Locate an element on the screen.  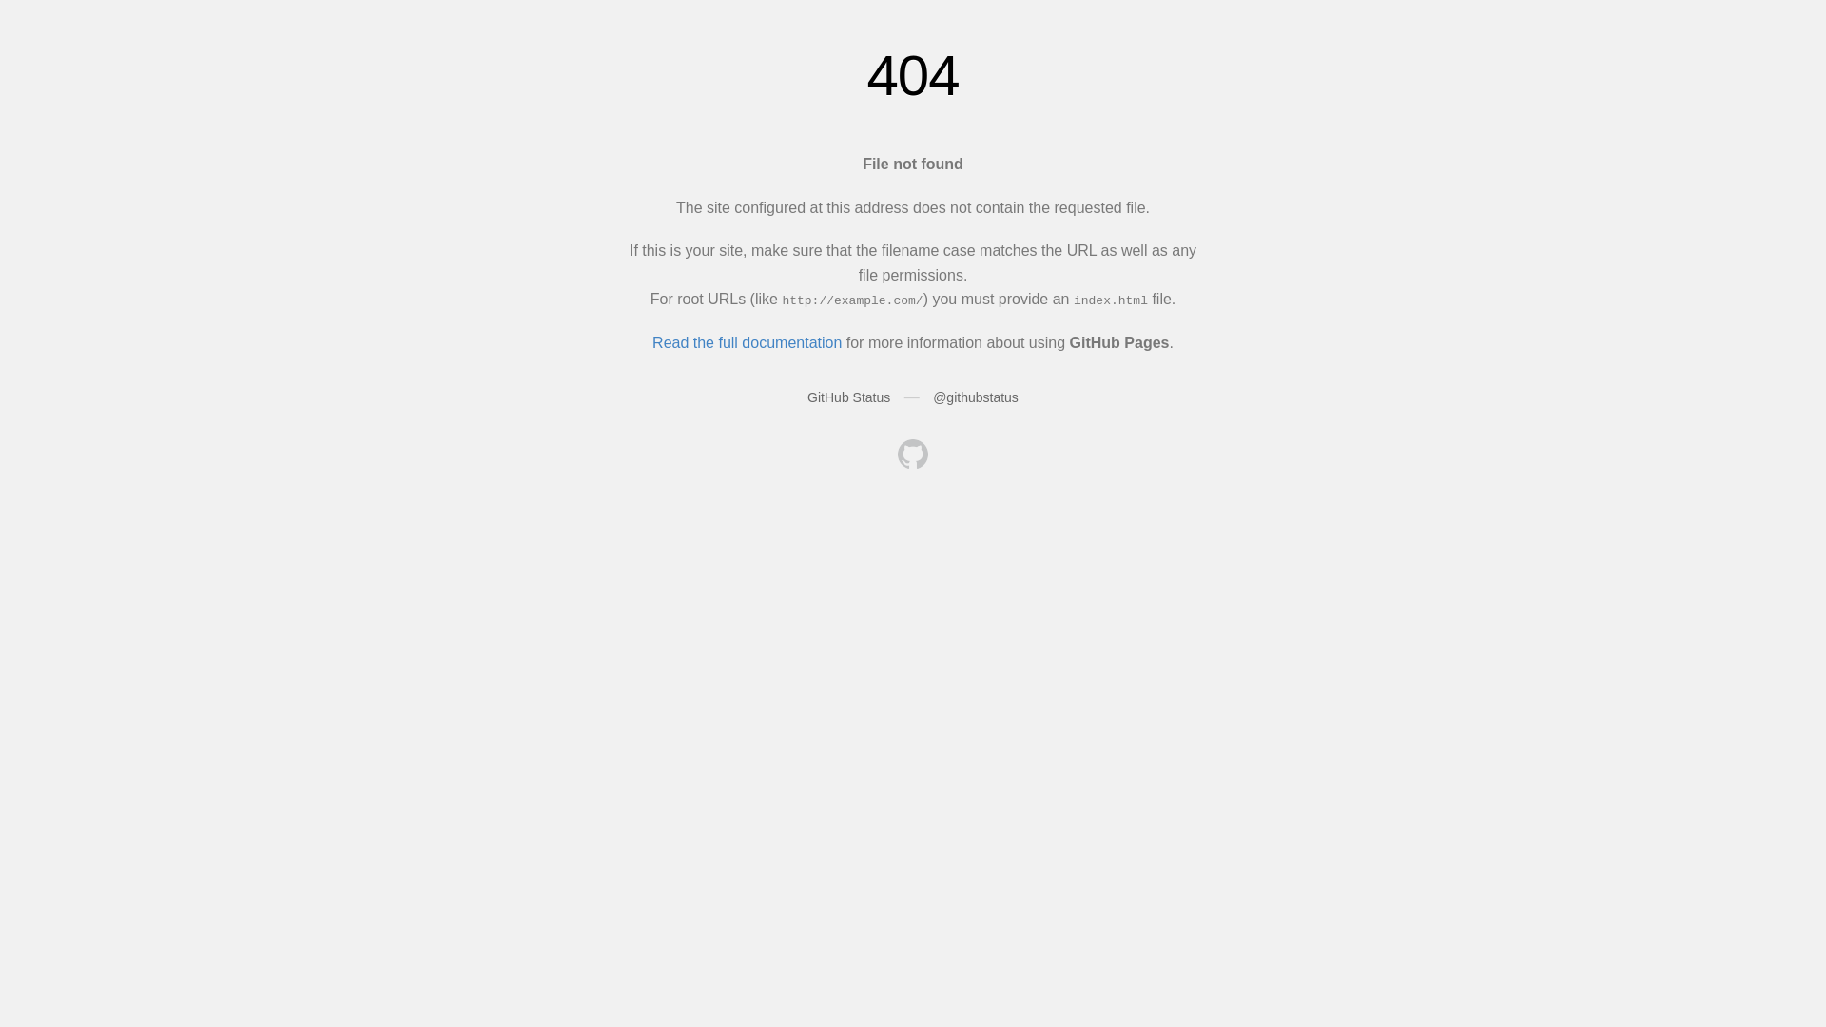
'@githubstatus' is located at coordinates (976, 396).